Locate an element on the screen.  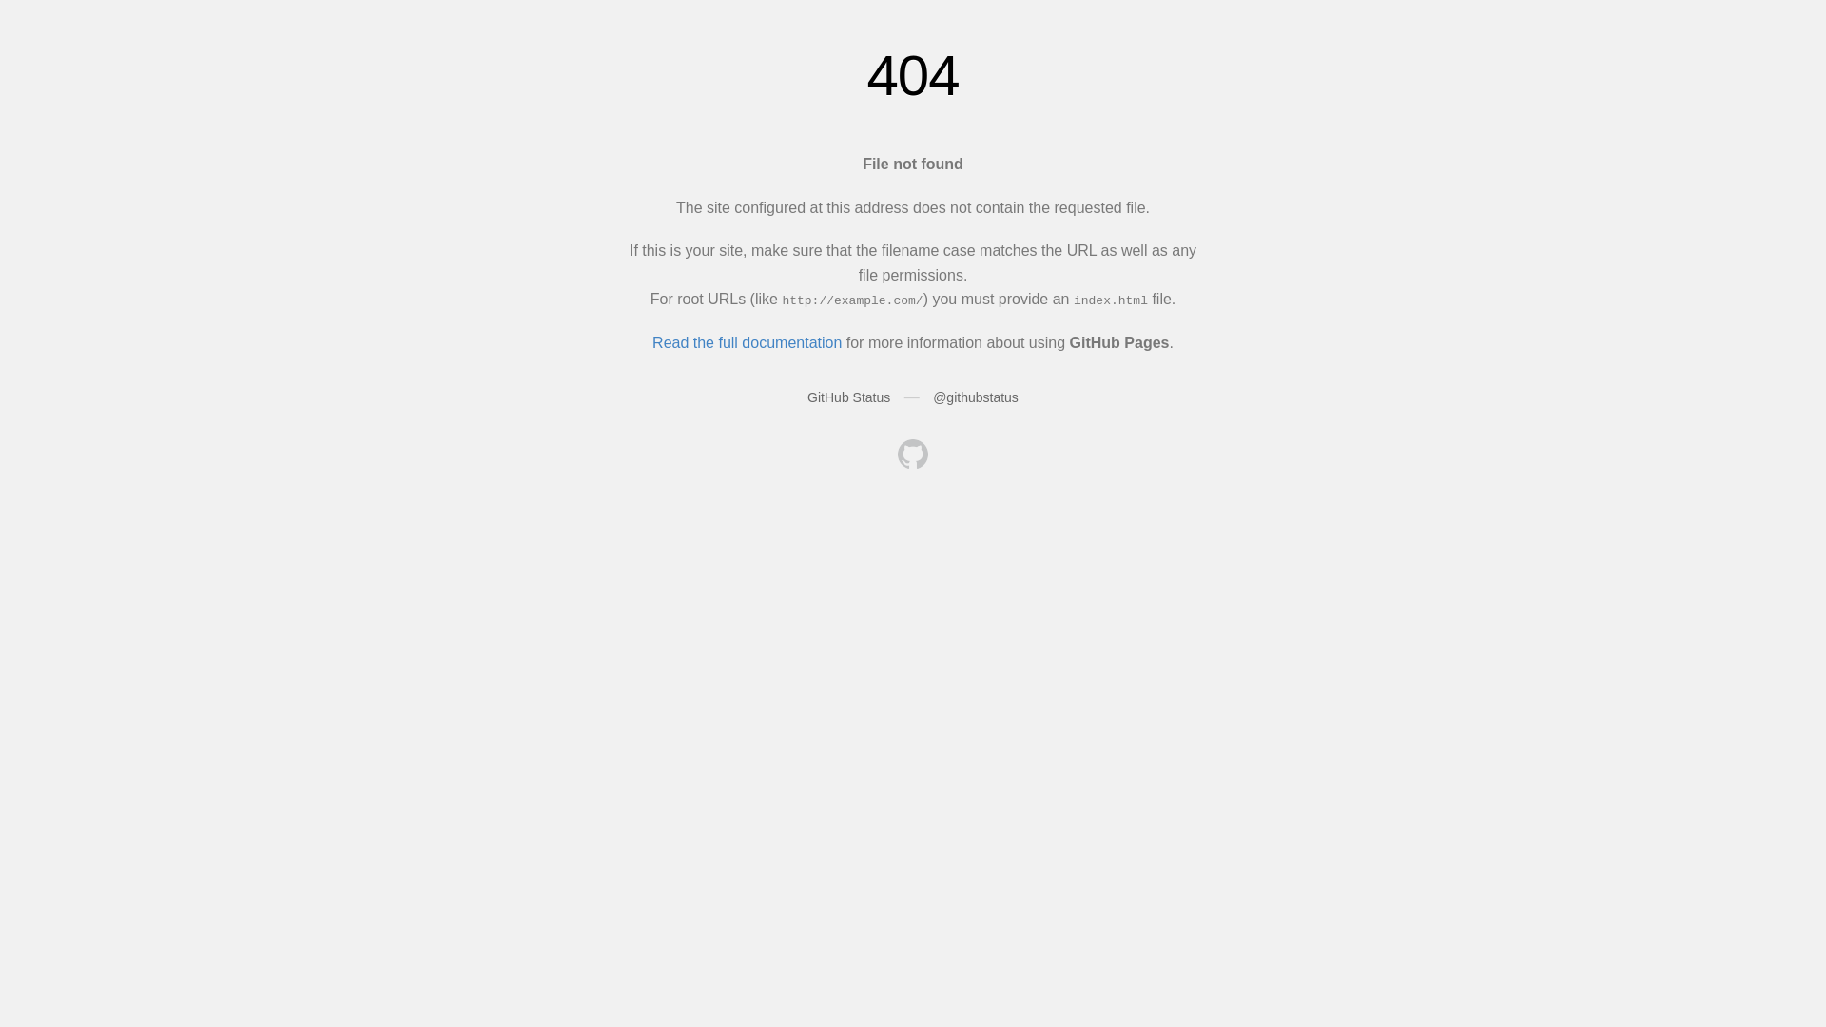
'@githubstatus' is located at coordinates (976, 396).